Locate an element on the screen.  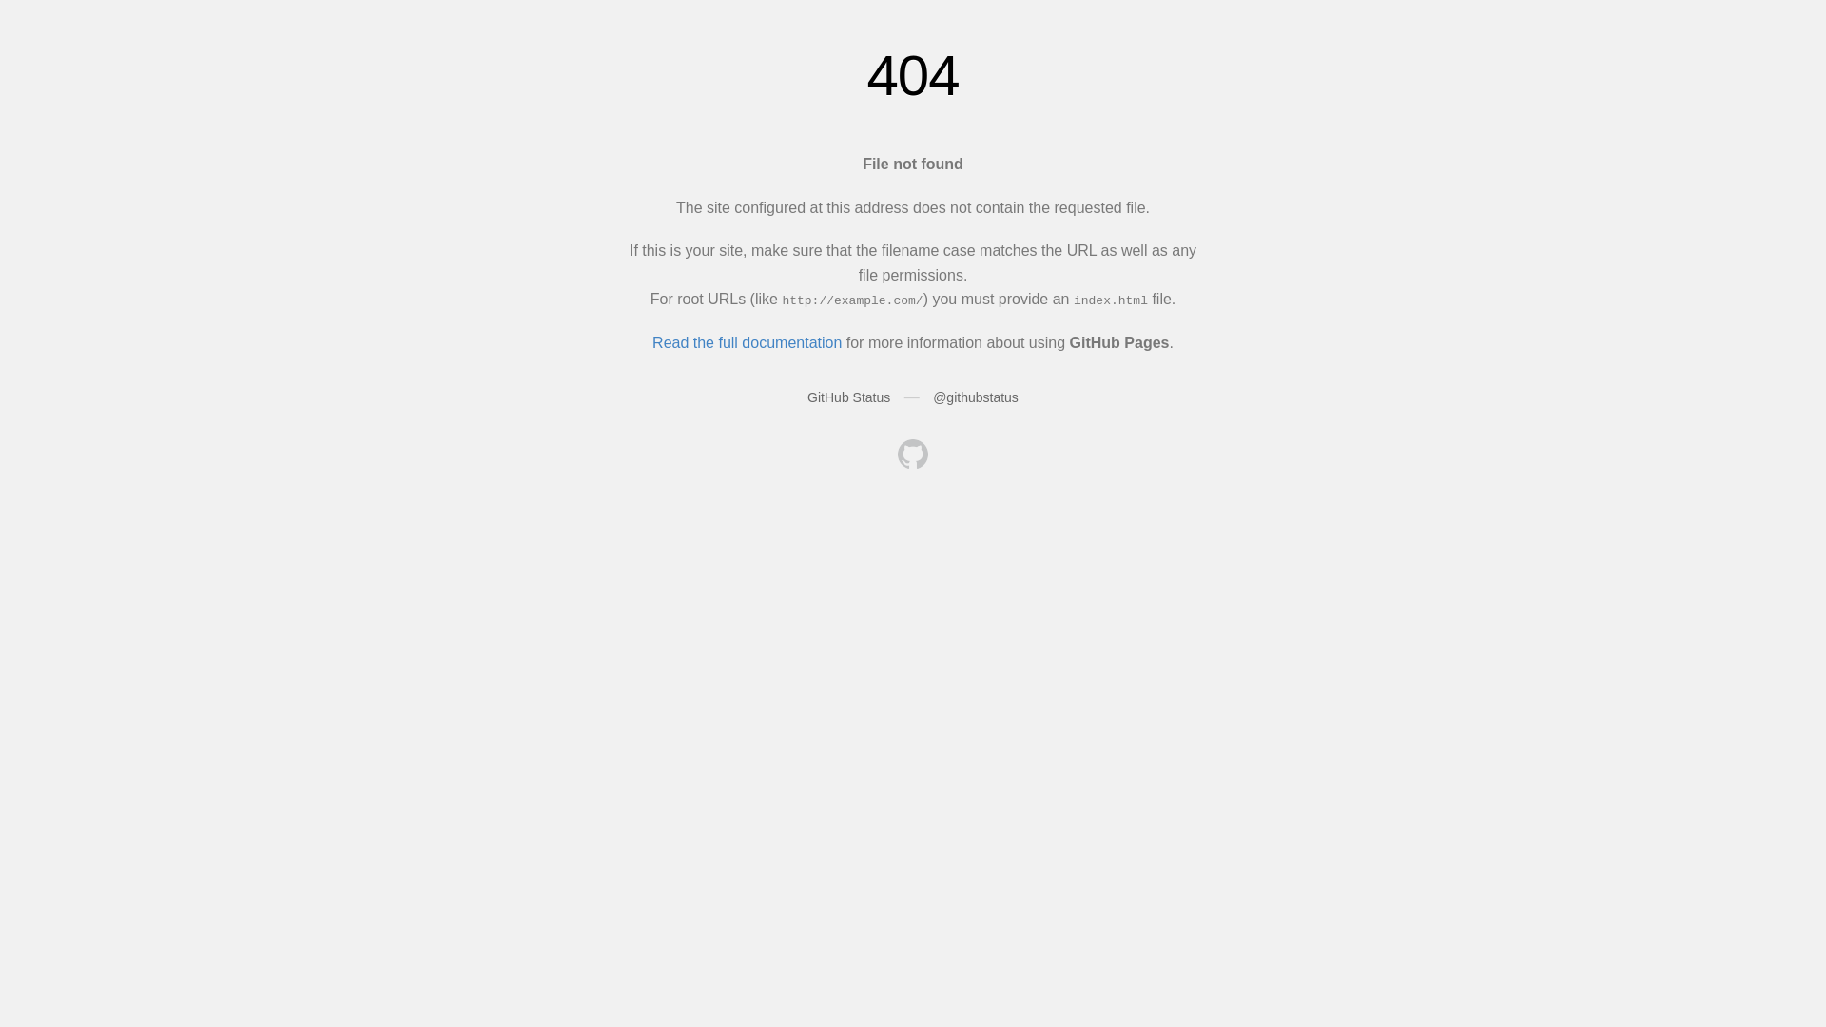
'@githubstatus' is located at coordinates (976, 396).